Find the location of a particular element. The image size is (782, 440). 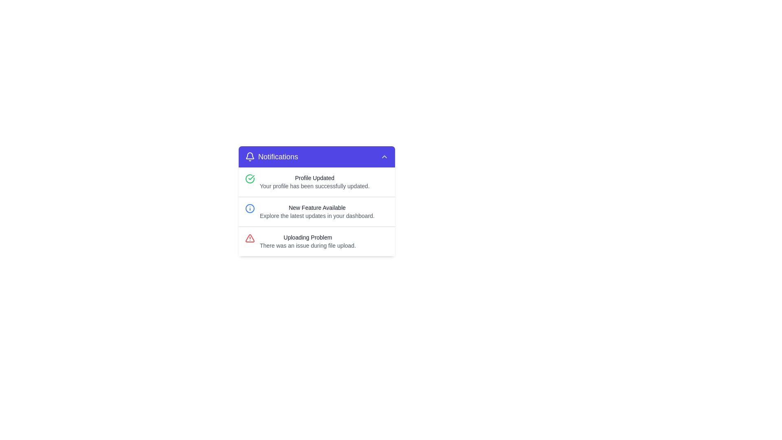

the text label that says 'Your profile has been successfully updated.' located under the 'Profile Updated' text in the notification section is located at coordinates (314, 186).